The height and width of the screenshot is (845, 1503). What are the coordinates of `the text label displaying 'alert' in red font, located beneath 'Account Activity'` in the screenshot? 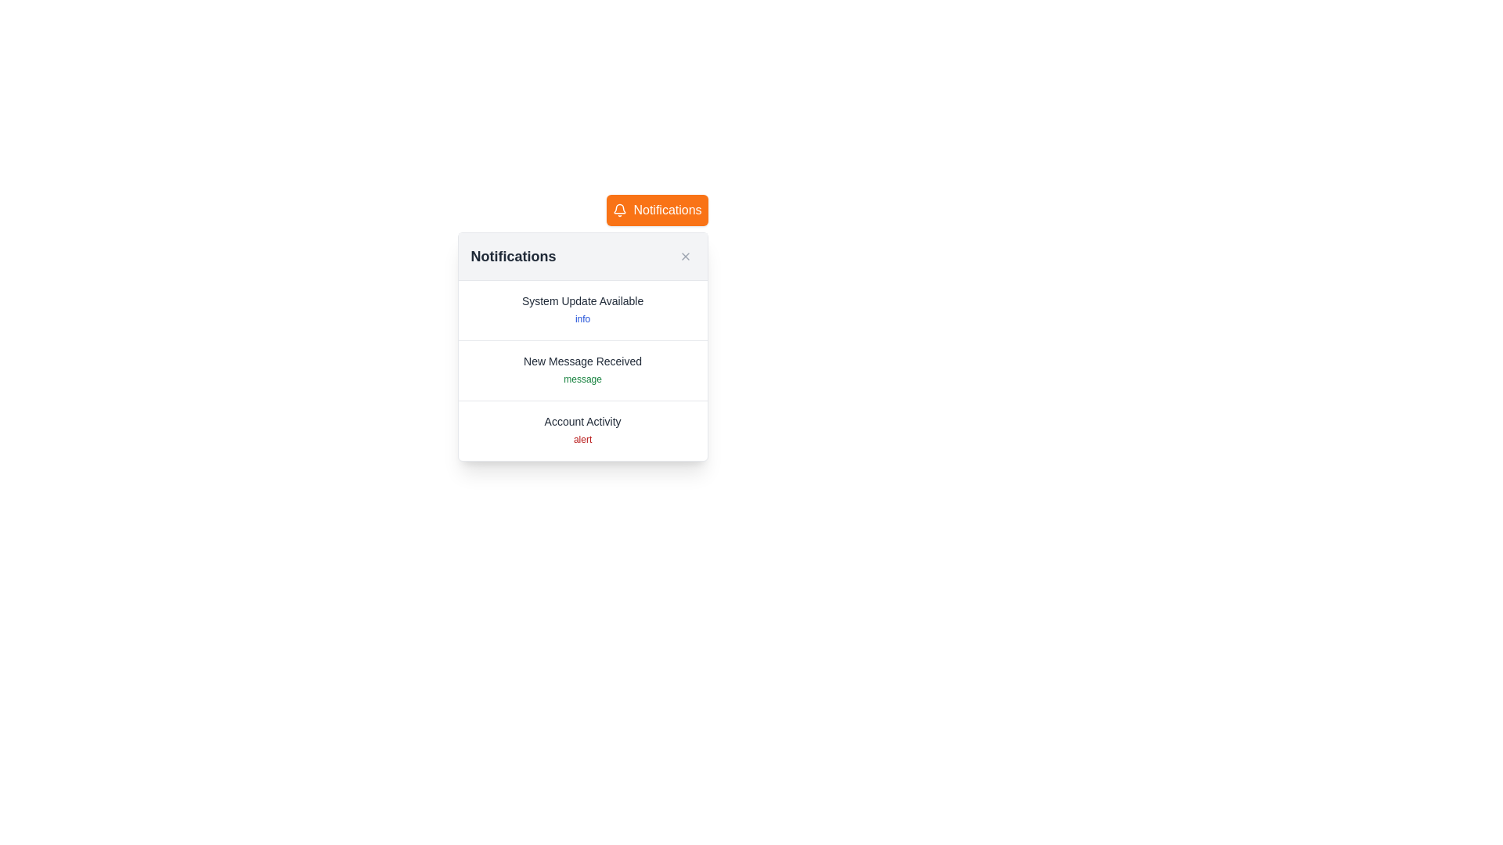 It's located at (582, 440).